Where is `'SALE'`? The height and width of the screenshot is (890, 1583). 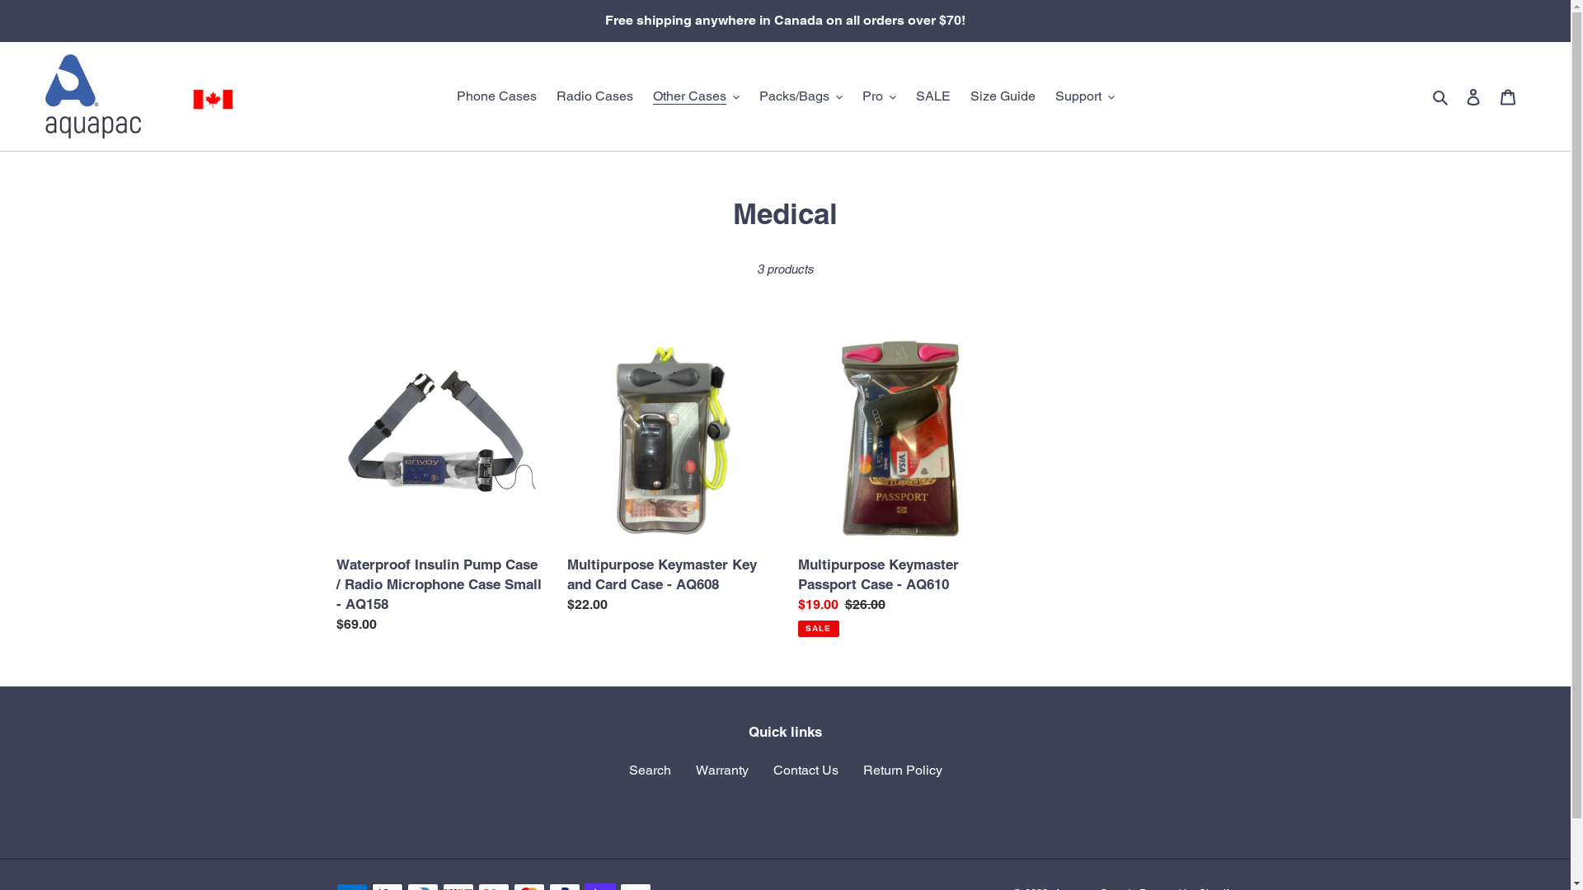 'SALE' is located at coordinates (932, 96).